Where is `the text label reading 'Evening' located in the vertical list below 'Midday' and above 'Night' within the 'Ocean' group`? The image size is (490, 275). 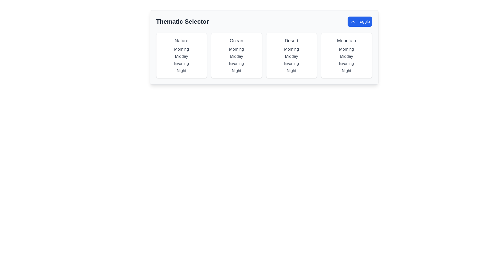 the text label reading 'Evening' located in the vertical list below 'Midday' and above 'Night' within the 'Ocean' group is located at coordinates (236, 63).